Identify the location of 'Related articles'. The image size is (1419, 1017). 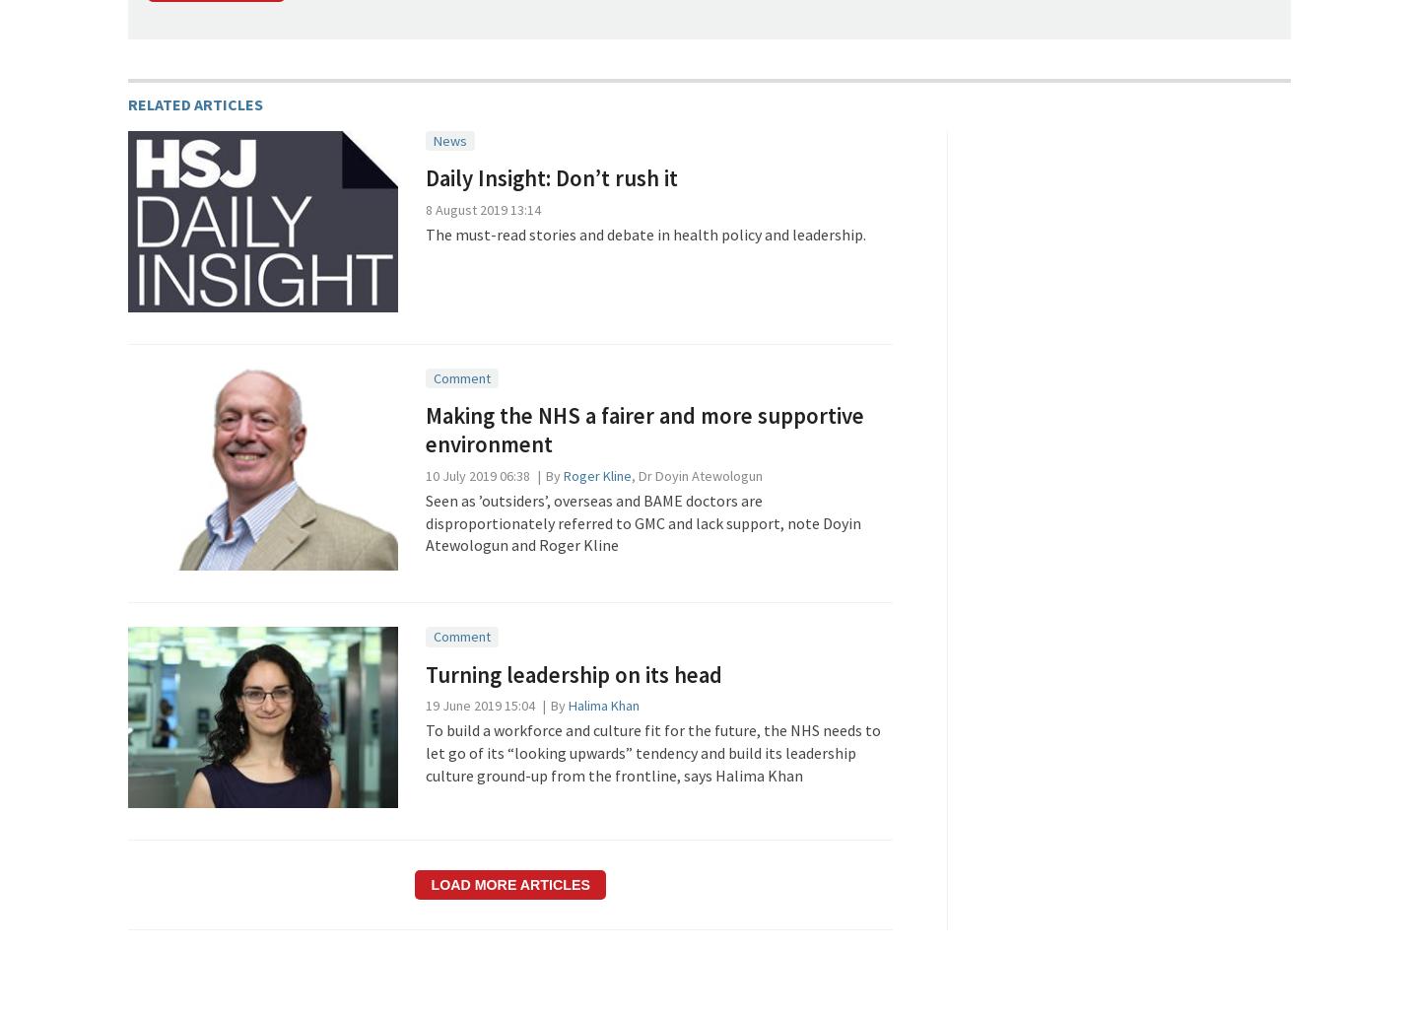
(195, 103).